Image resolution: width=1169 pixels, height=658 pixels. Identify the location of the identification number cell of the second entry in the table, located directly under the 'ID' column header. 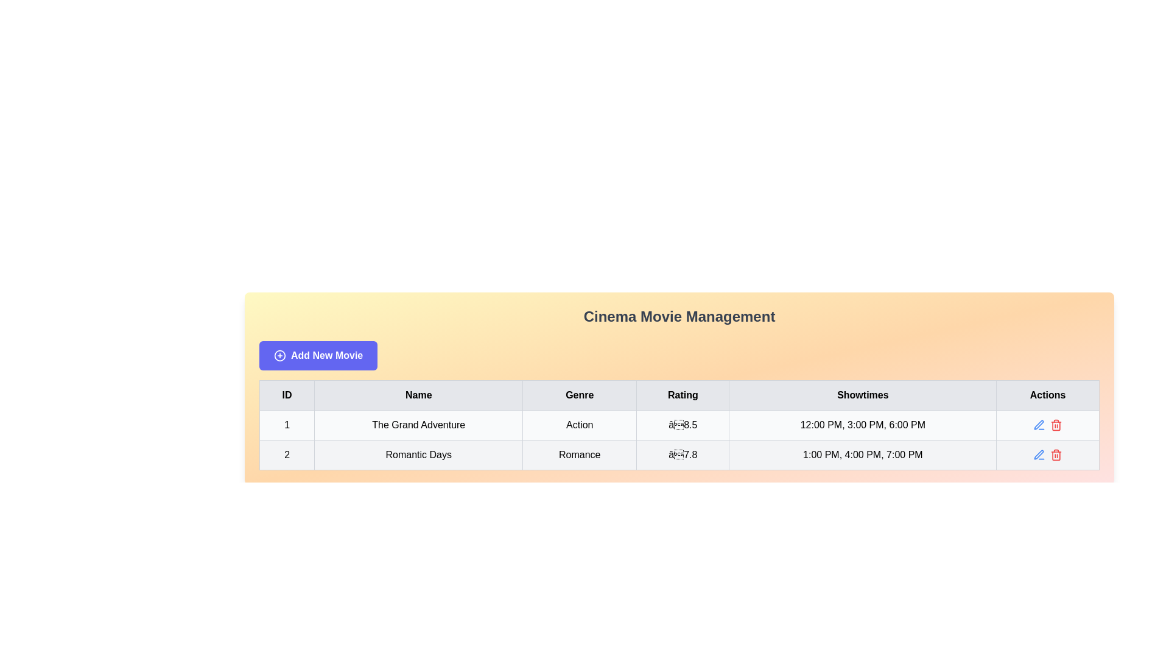
(286, 455).